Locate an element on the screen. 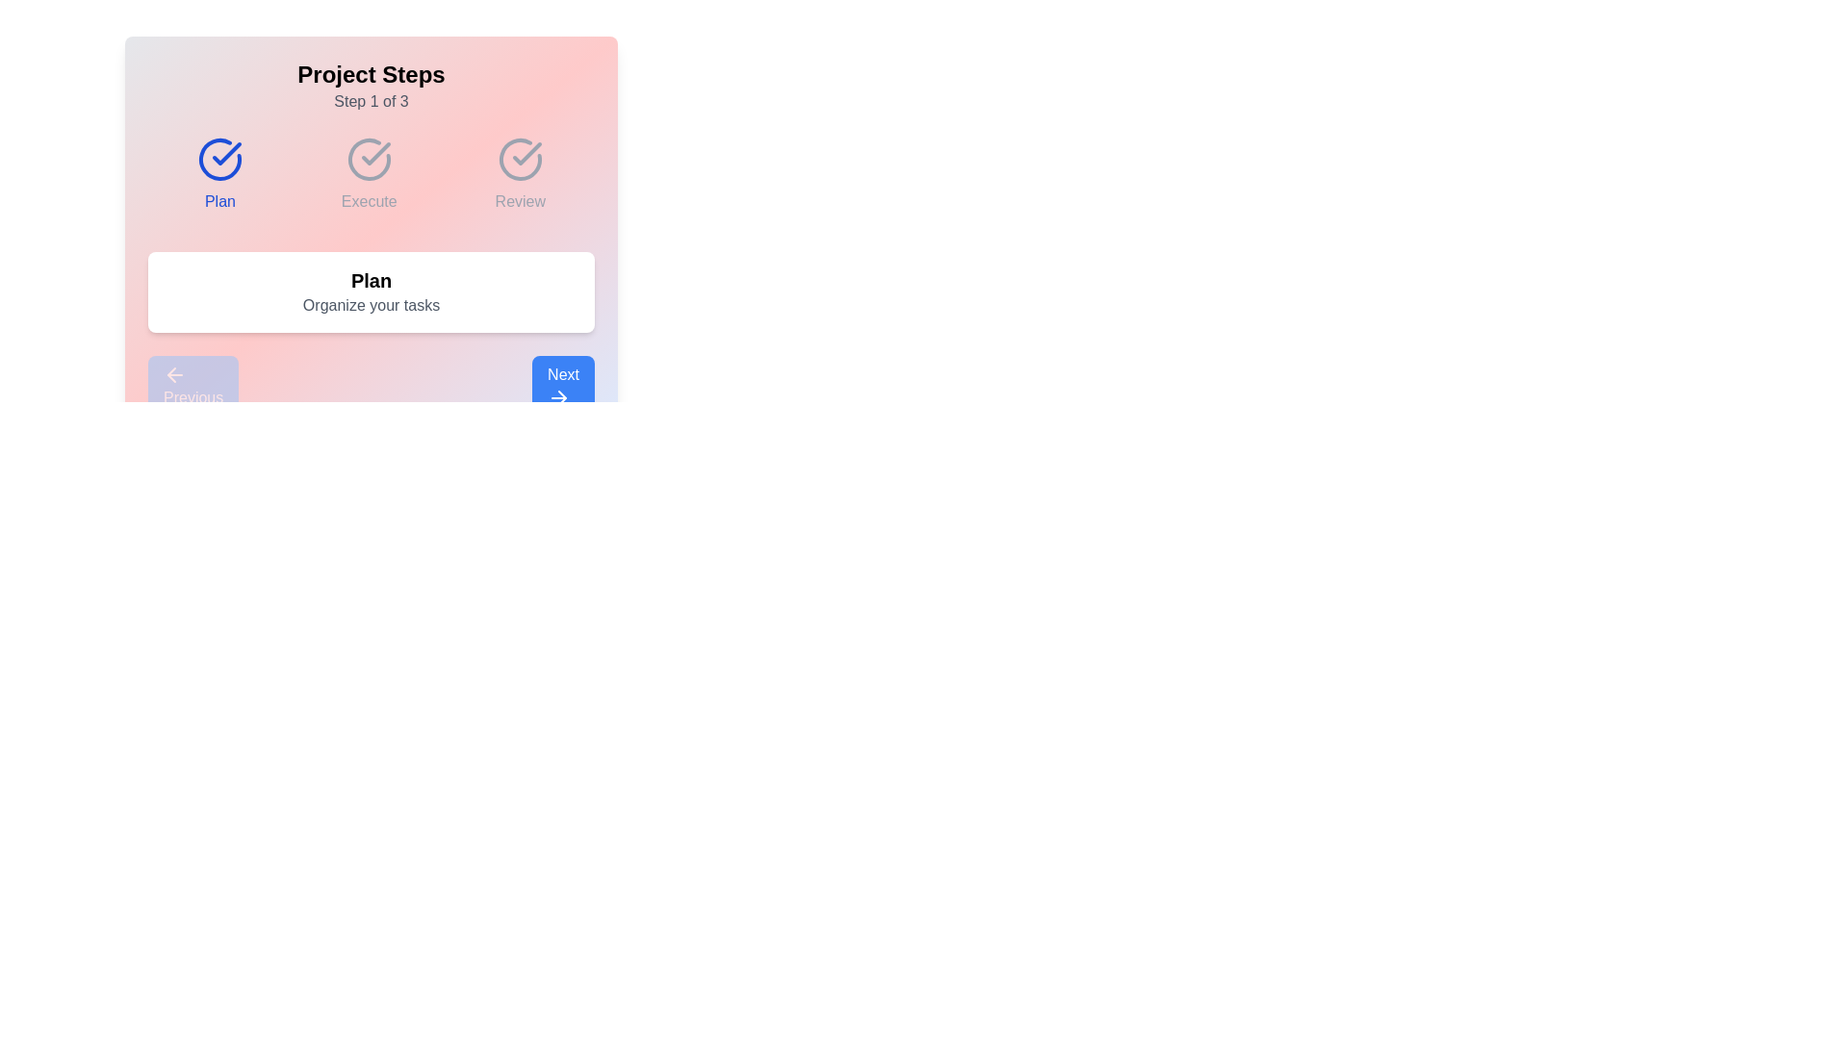  'Next' button to navigate to the next step is located at coordinates (562, 386).